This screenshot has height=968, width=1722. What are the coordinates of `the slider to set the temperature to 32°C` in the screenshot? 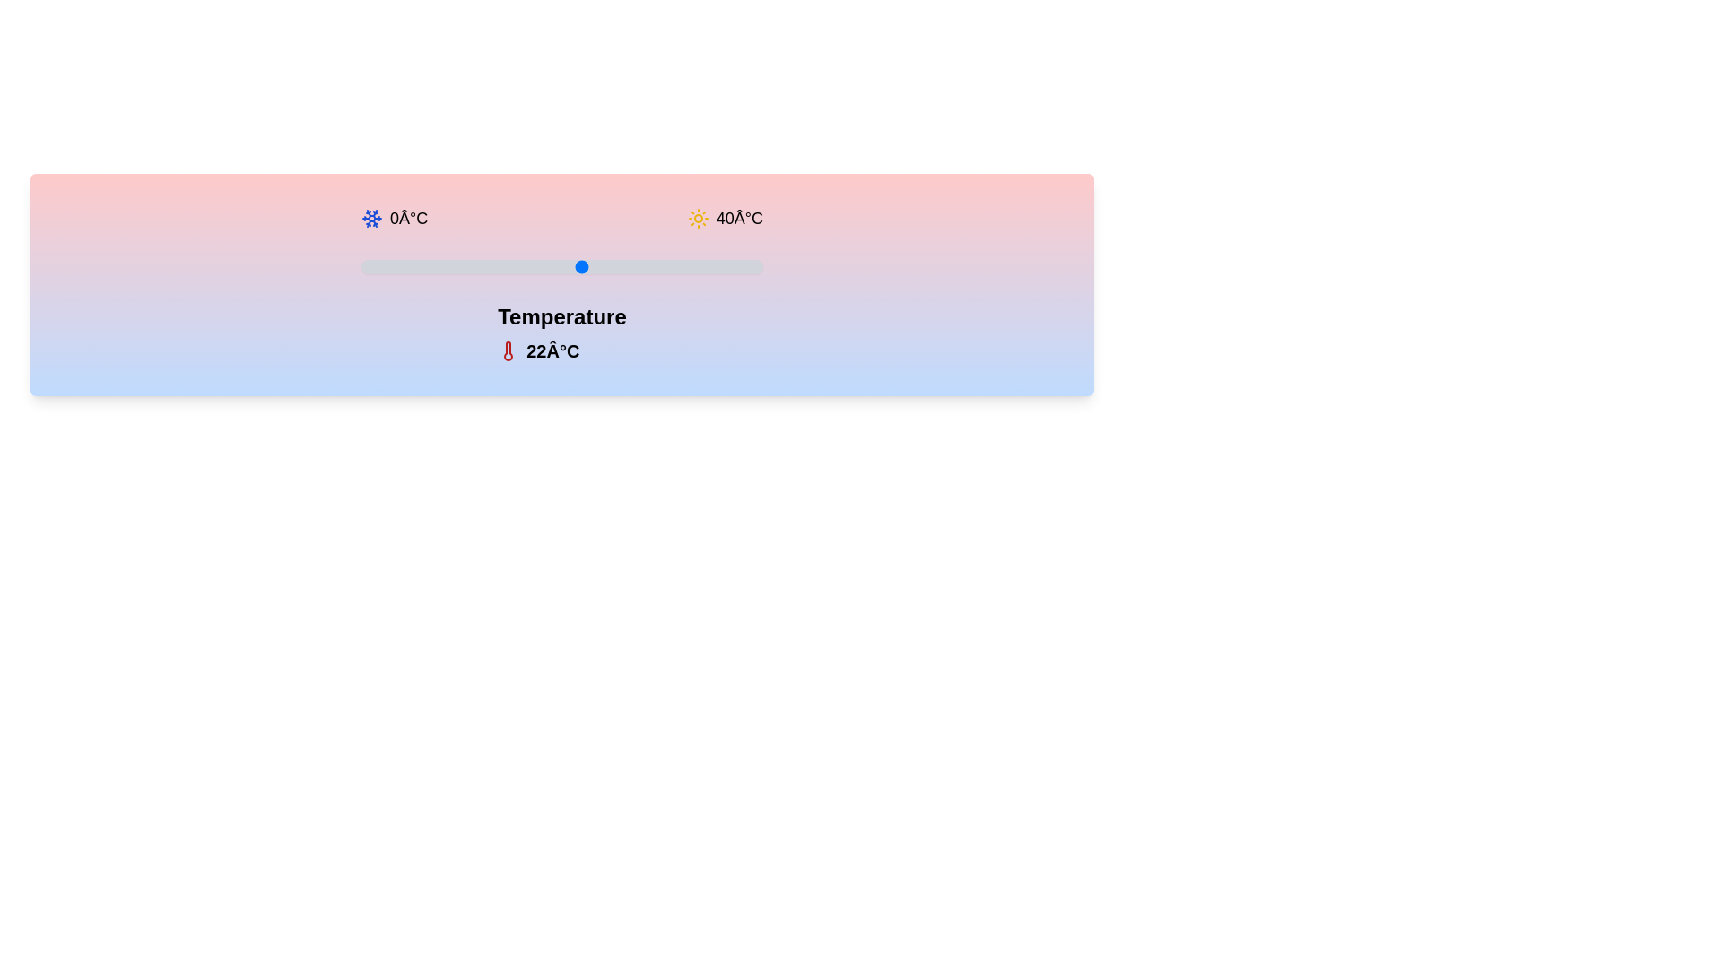 It's located at (682, 266).